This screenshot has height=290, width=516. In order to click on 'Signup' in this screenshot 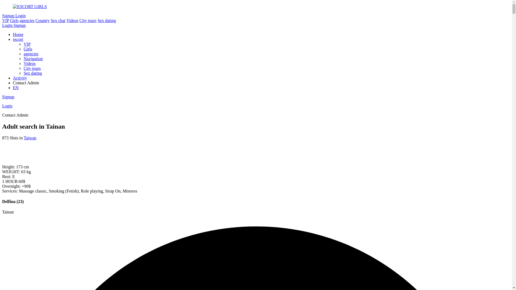, I will do `click(19, 25)`.